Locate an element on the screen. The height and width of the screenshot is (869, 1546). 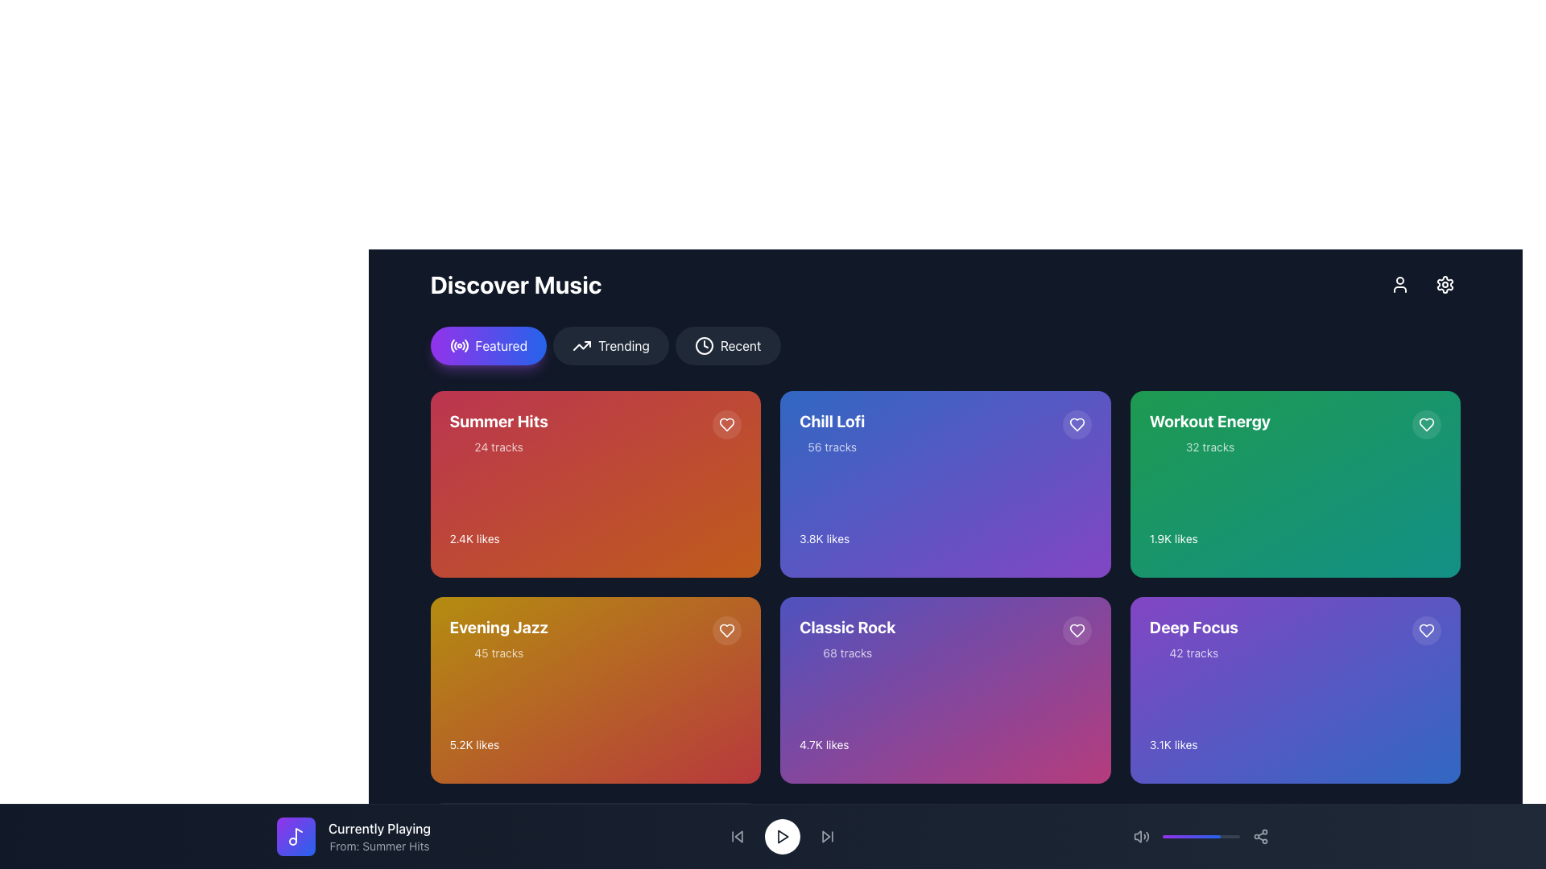
the 'Trending' text label within the button located in the middle of a horizontal group of buttons, positioned between 'Featured' and 'Recent' buttons, right below the 'Discover Music' heading is located at coordinates (622, 344).